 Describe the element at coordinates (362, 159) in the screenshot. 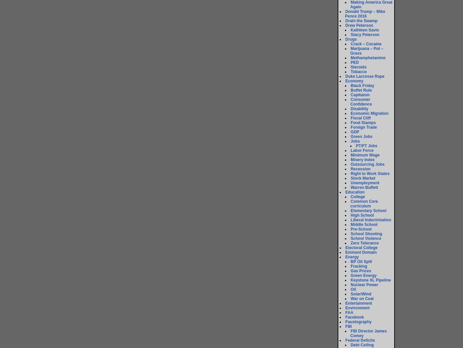

I see `'Misery Index'` at that location.